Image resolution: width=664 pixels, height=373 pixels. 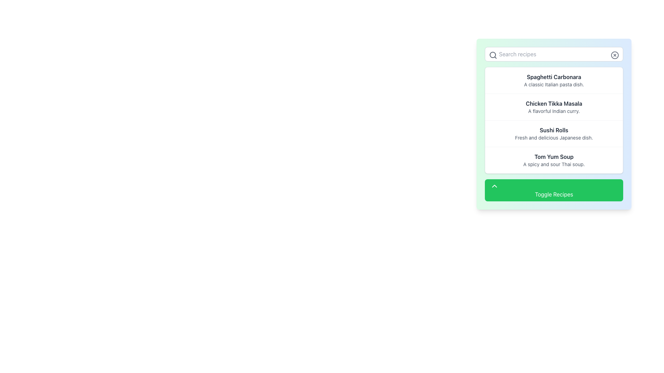 I want to click on the text label displaying 'Tom Yum Soup', which is positioned in the lower section of a recipe list, centered horizontally and slightly towards the bottom vertically, so click(x=554, y=157).